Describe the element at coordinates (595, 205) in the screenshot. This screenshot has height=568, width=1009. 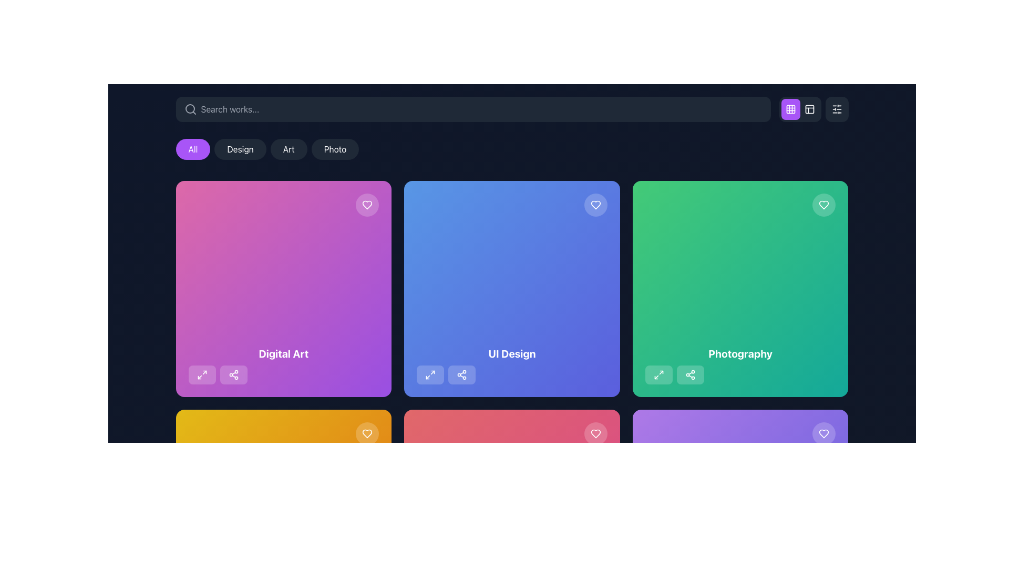
I see `the favorite button located at the top-right corner of the blue rectangular card labeled 'UI Design'` at that location.